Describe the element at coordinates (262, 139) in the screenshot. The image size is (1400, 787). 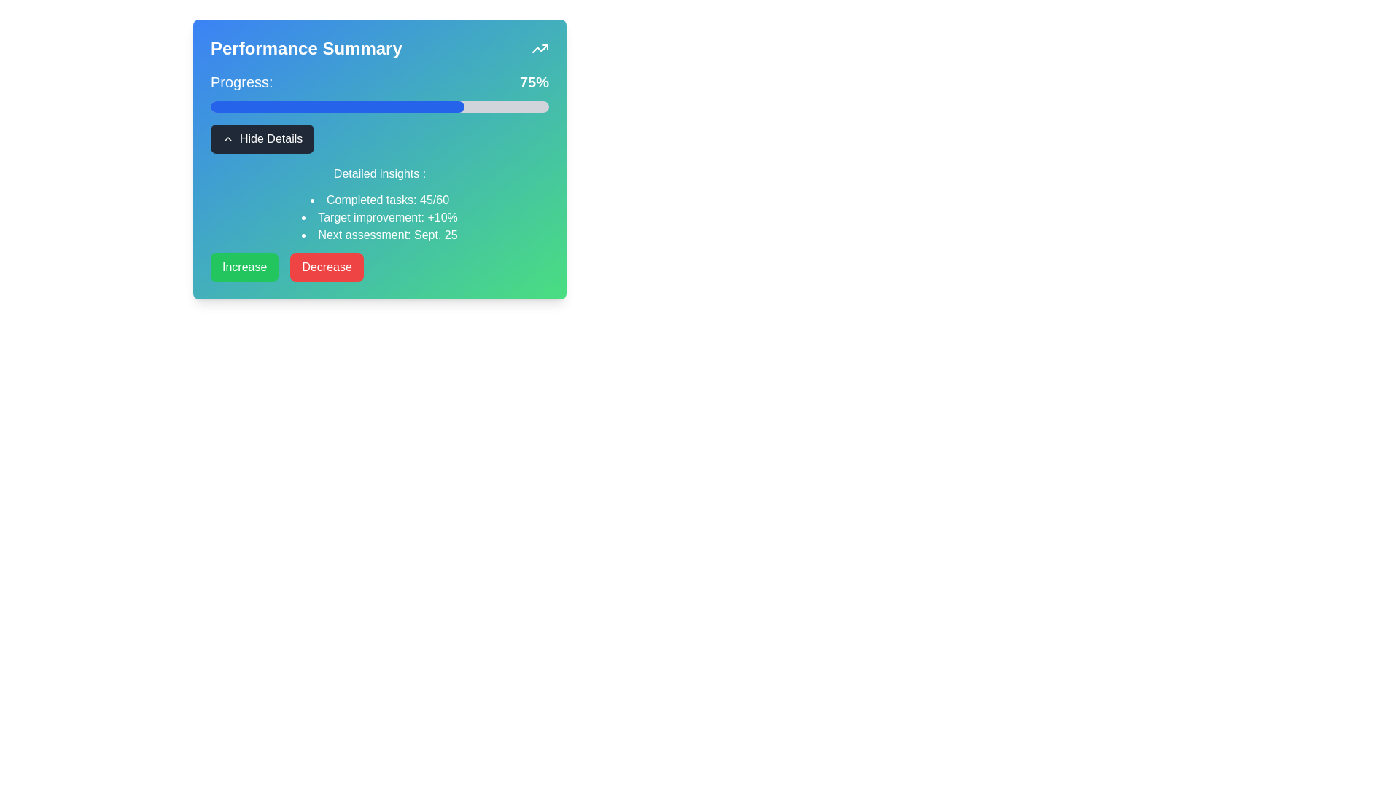
I see `the toggle button` at that location.